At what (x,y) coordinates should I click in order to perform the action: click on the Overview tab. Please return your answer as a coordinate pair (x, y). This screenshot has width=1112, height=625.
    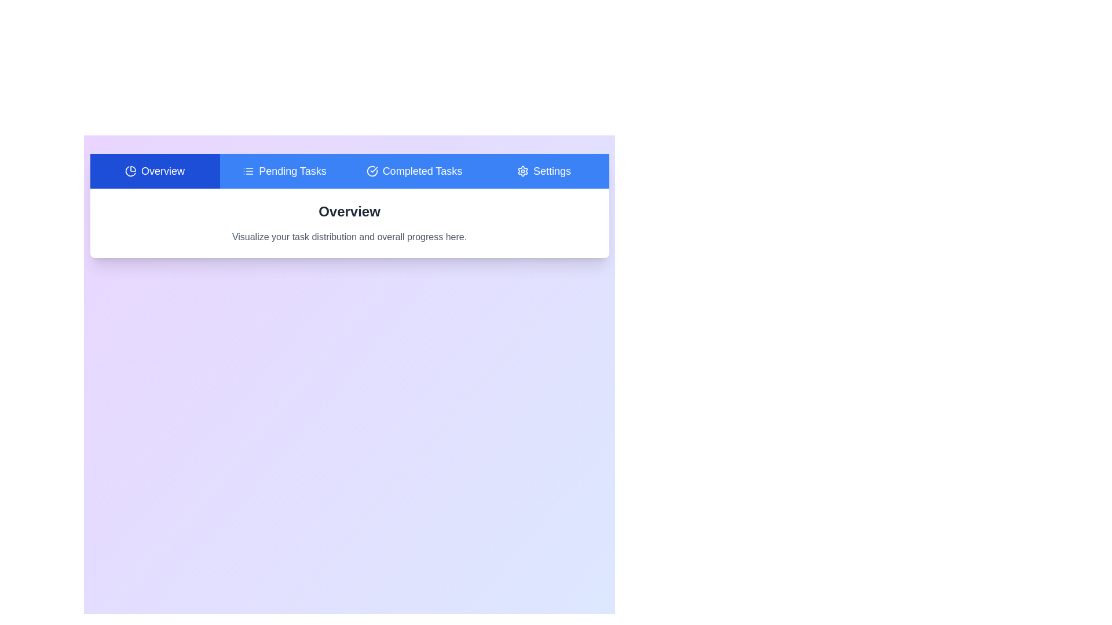
    Looking at the image, I should click on (154, 171).